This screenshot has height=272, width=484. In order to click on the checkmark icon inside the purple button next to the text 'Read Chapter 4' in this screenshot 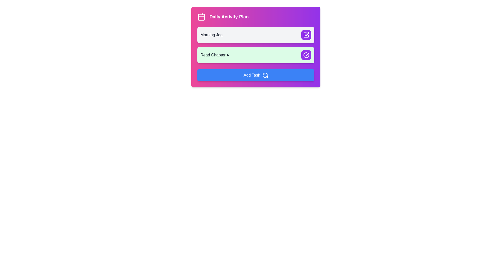, I will do `click(306, 55)`.